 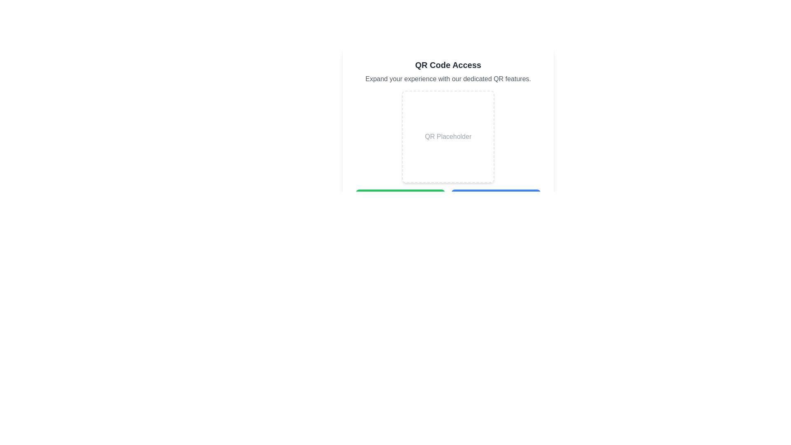 What do you see at coordinates (448, 79) in the screenshot?
I see `the descriptive text label located directly below the 'QR Code Access' header, which provides additional information to guide the user` at bounding box center [448, 79].